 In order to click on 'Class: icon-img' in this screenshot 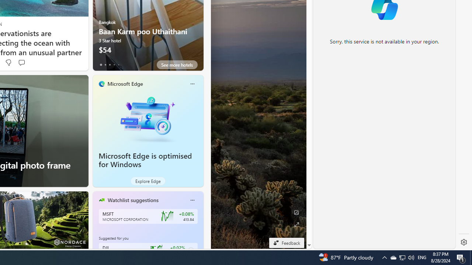, I will do `click(192, 200)`.